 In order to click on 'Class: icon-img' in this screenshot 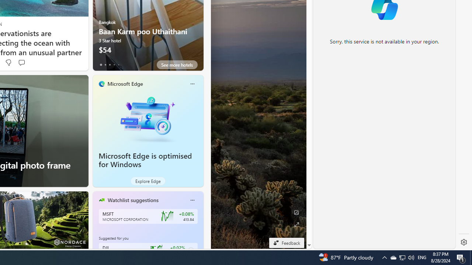, I will do `click(192, 200)`.